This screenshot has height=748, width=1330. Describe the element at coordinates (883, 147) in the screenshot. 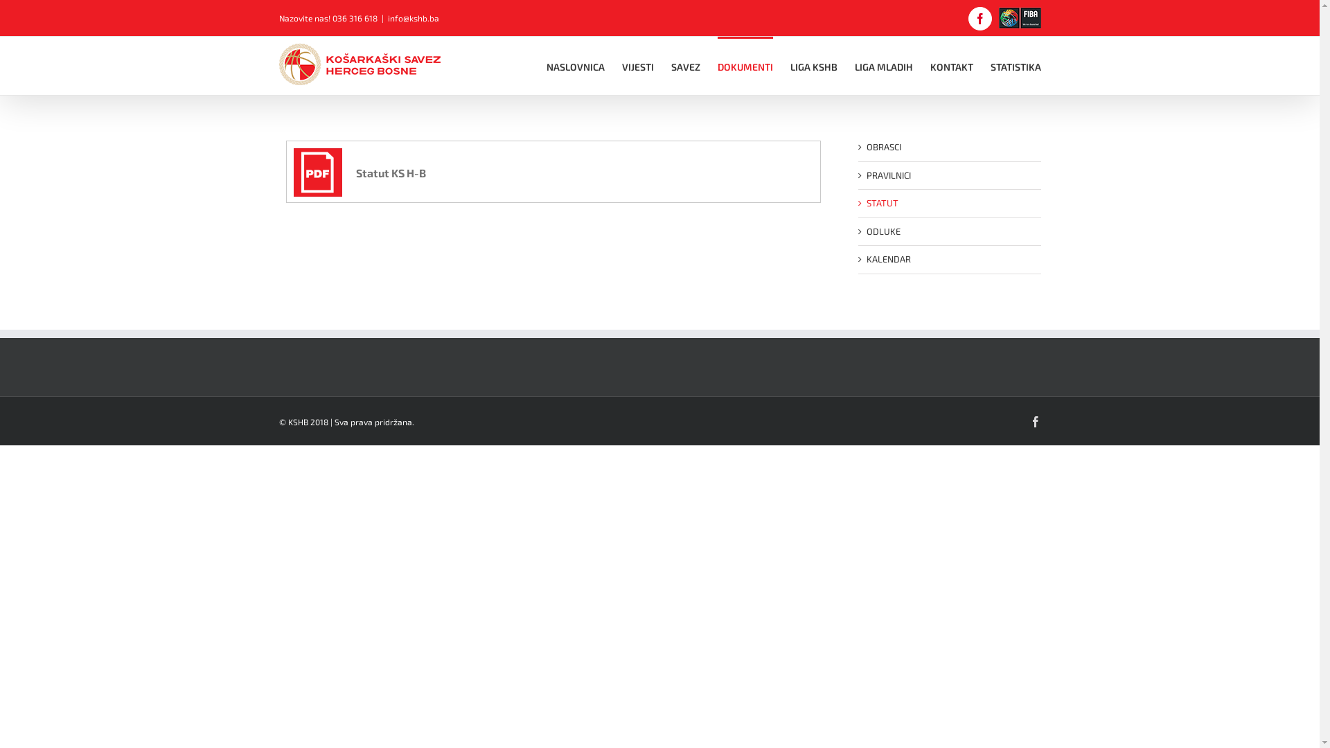

I see `'OBRASCI'` at that location.